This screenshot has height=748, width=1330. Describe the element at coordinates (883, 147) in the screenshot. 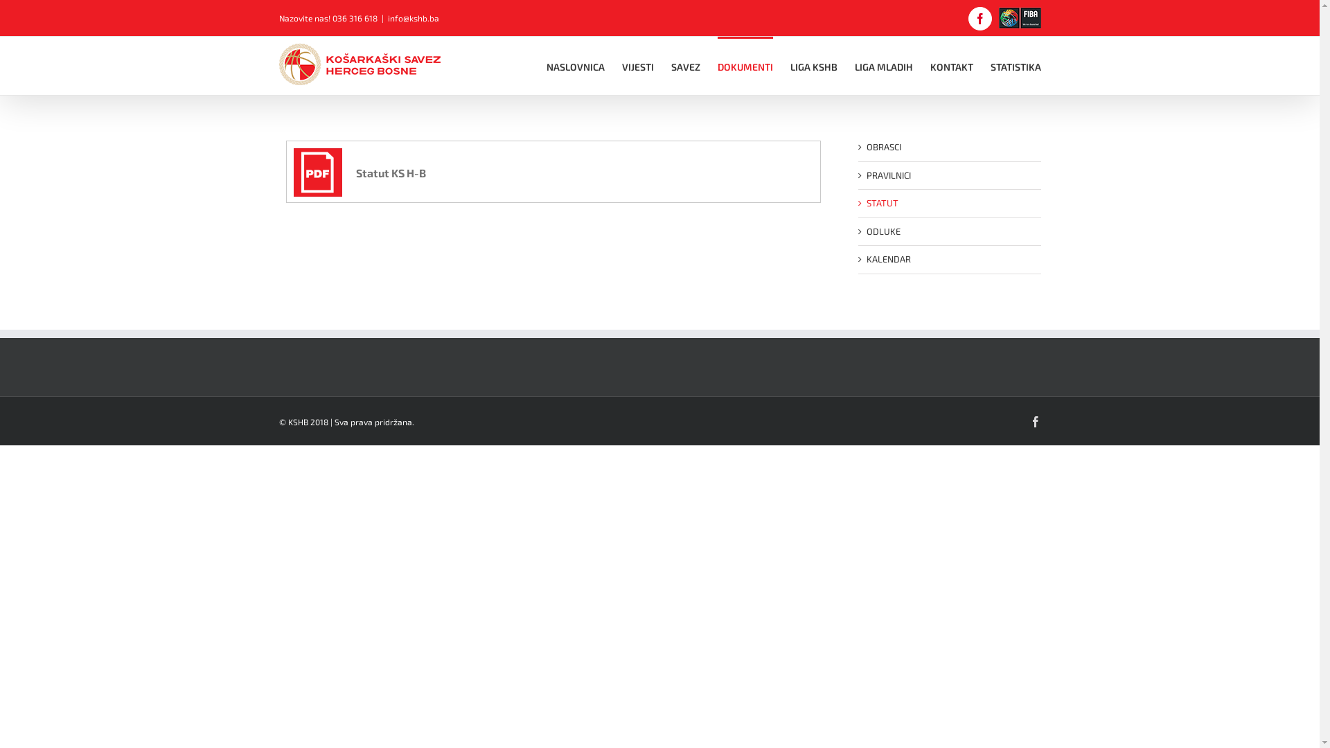

I see `'OBRASCI'` at that location.